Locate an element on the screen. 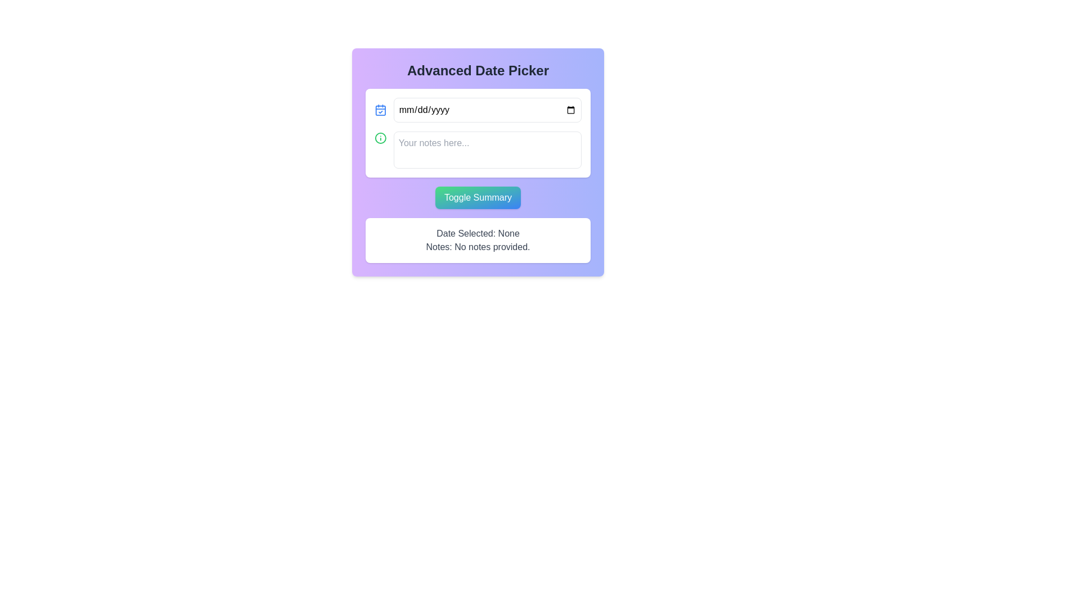 The image size is (1080, 607). the white box with rounded corners and shadow effect that contains the text 'Date Selected: None' and 'Notes: No notes provided', located below the 'Toggle Summary' button in the 'Advanced Date Picker' section is located at coordinates (478, 240).